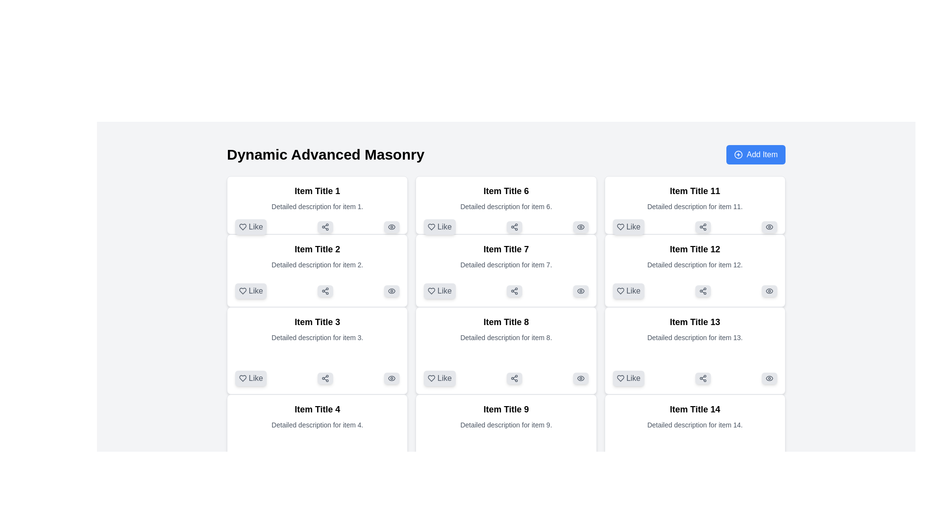  I want to click on eye icon located within the 'Item Title 7' card, which is characterized by its elliptical outline and minimalist design, so click(580, 291).